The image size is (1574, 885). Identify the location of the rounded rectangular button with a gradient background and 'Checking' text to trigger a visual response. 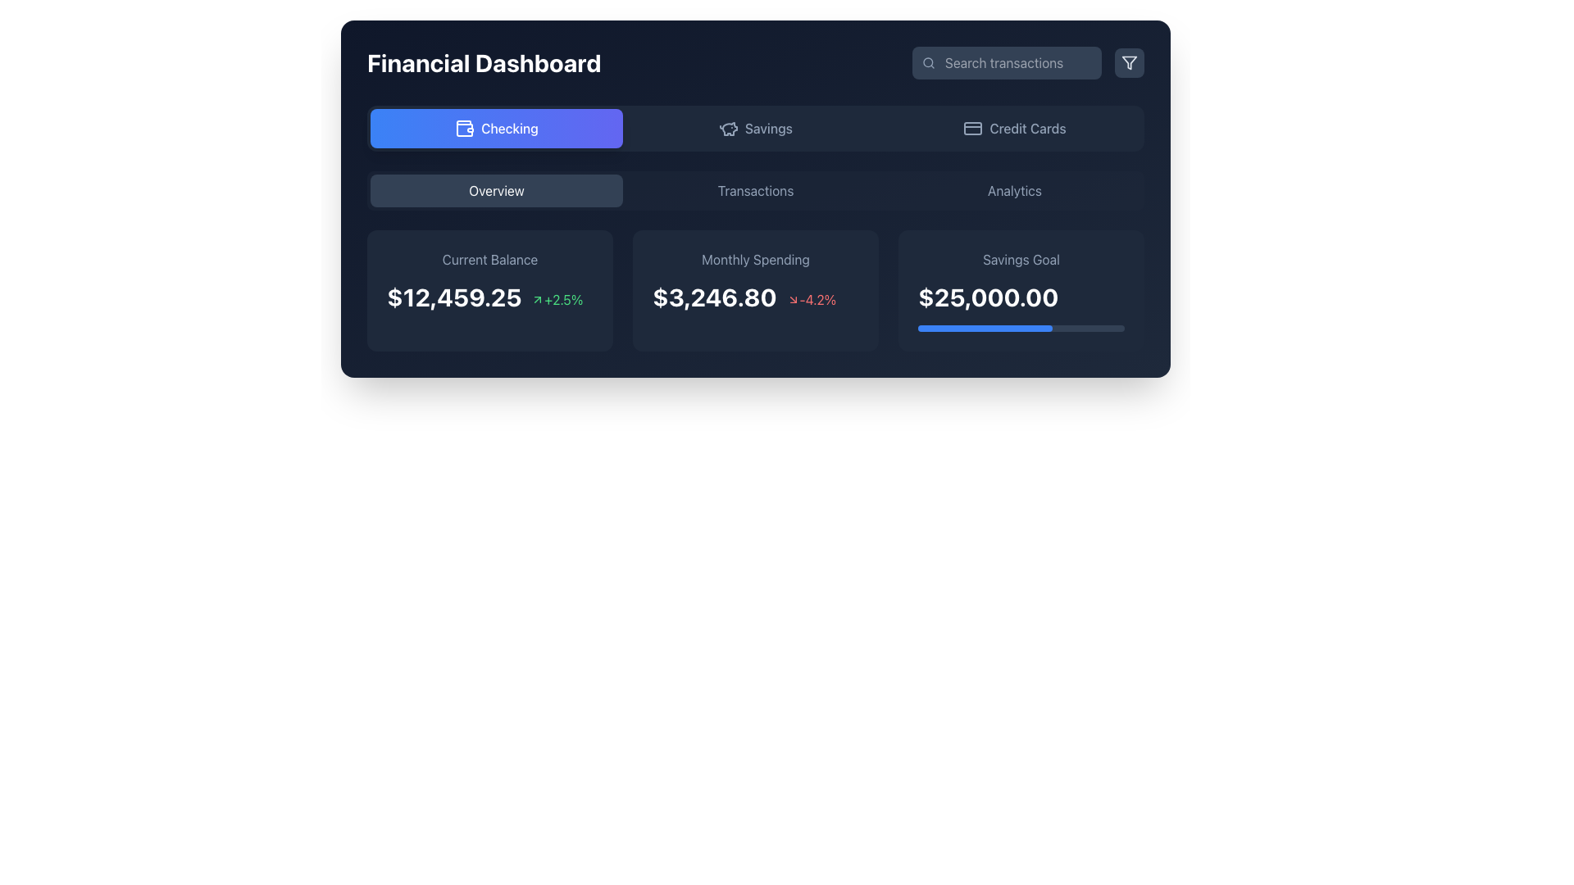
(495, 128).